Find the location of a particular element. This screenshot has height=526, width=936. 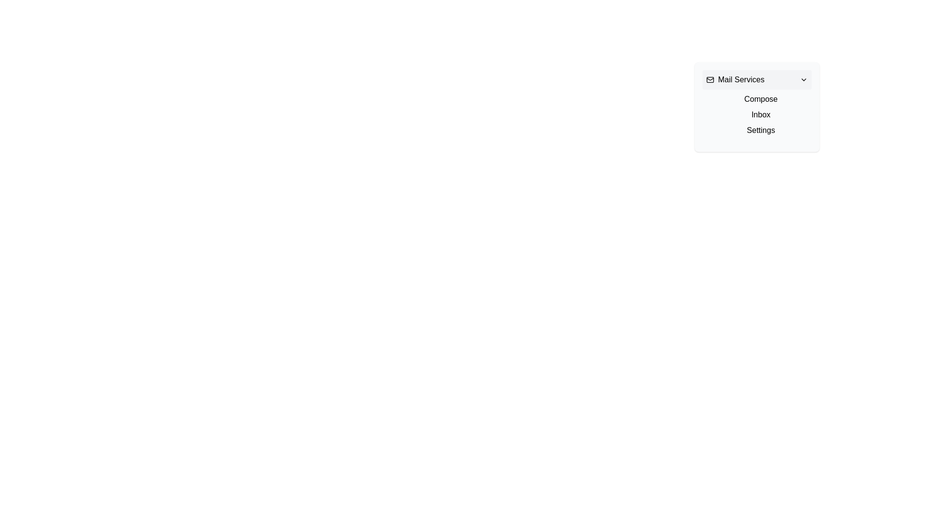

the Dropdown menu list located under the 'Mail Services' title at the top-right section of the interface is located at coordinates (757, 114).